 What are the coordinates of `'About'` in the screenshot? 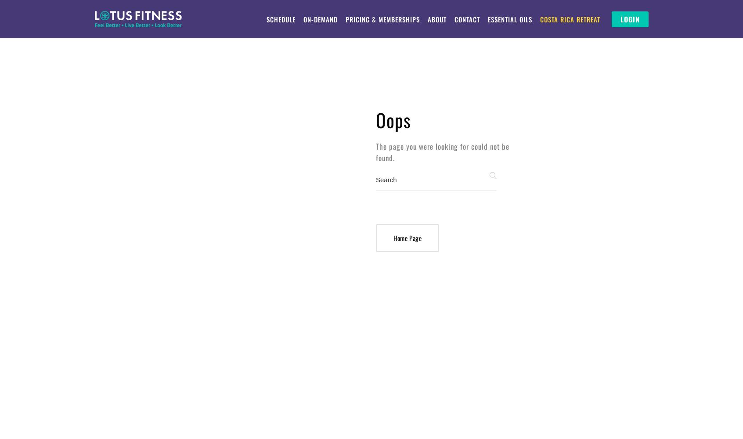 It's located at (436, 19).